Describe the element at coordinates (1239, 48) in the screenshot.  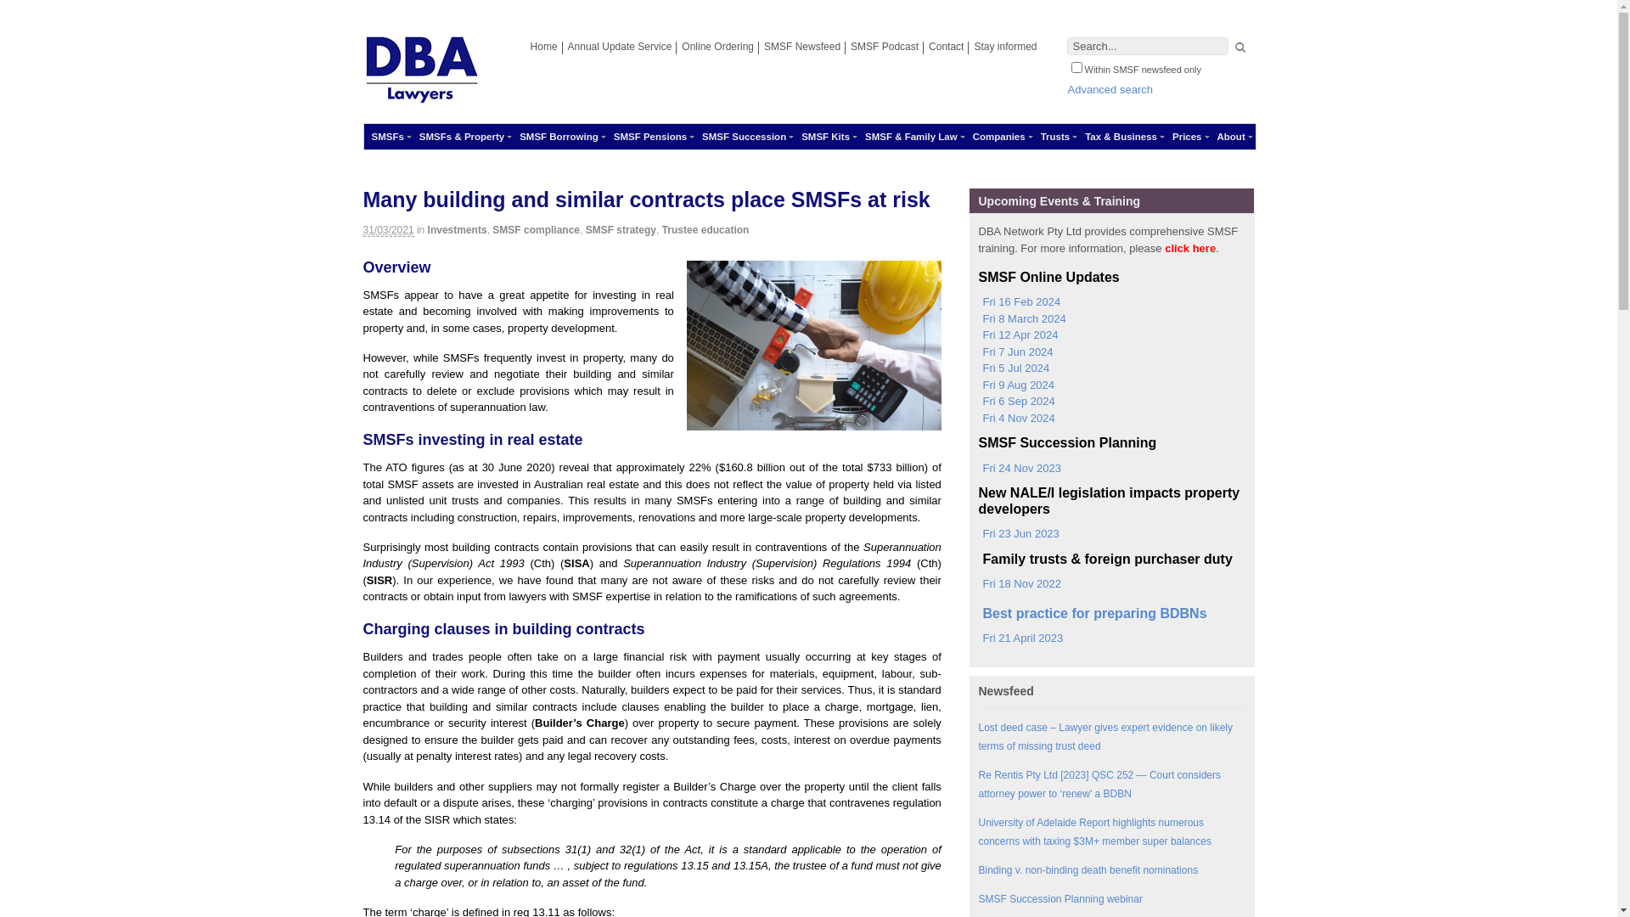
I see `'Search'` at that location.